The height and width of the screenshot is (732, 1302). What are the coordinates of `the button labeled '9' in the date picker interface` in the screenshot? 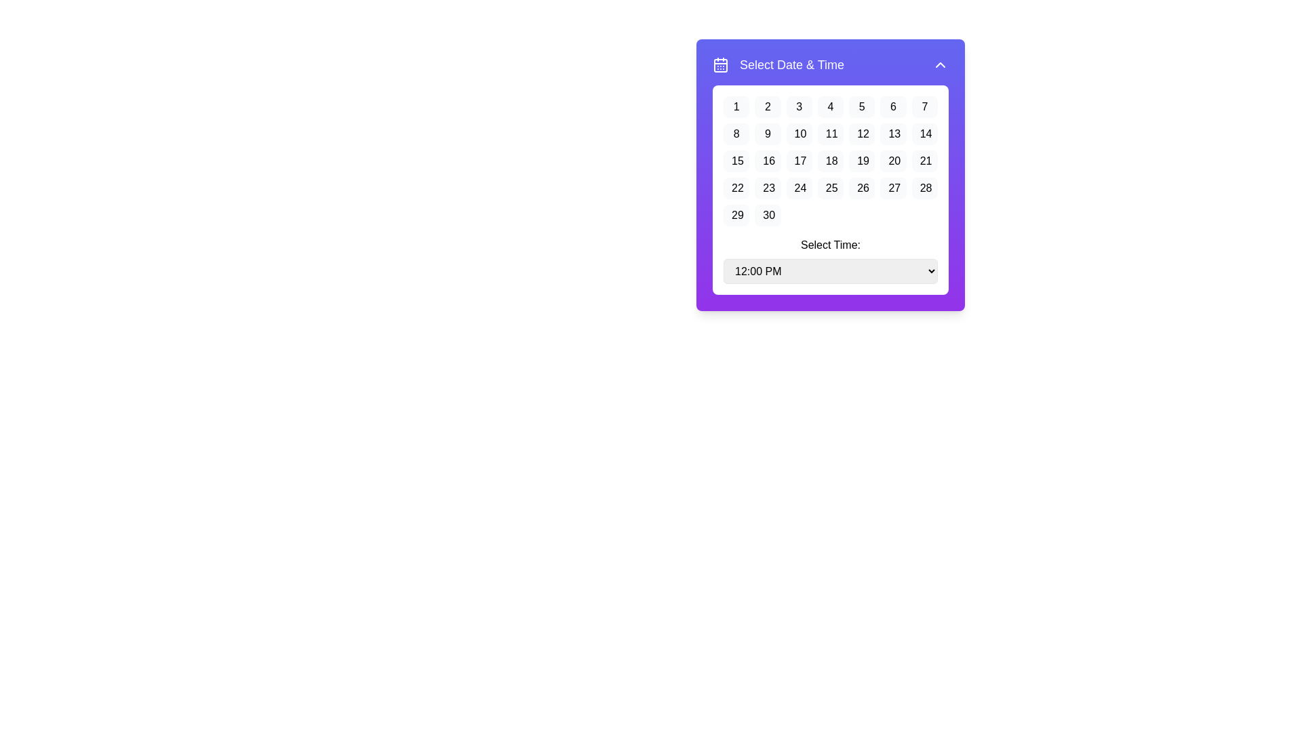 It's located at (768, 134).